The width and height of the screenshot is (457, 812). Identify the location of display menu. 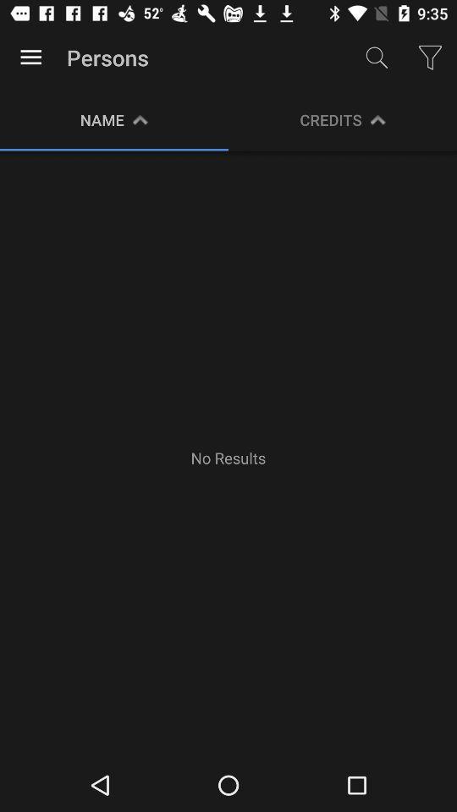
(30, 58).